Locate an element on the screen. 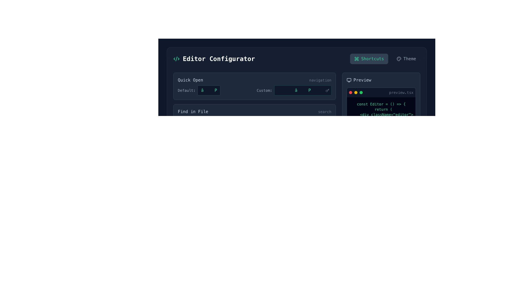 This screenshot has width=505, height=284. the first button in the top-right section of the interface is located at coordinates (369, 59).